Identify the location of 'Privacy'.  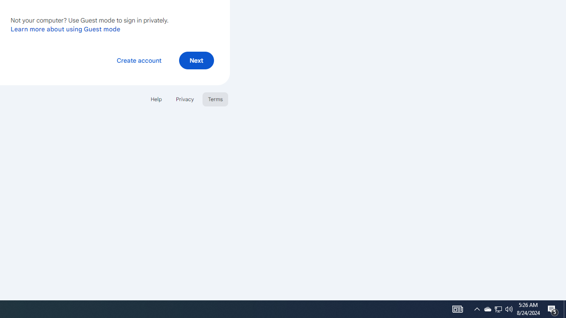
(184, 99).